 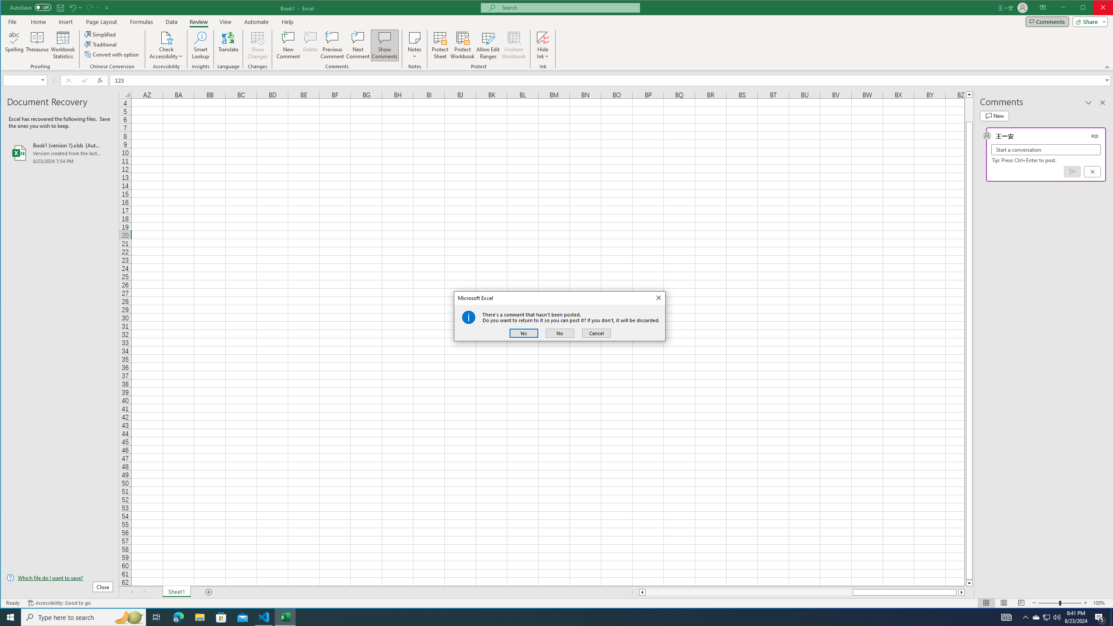 What do you see at coordinates (1100, 616) in the screenshot?
I see `'Action Center, 5 new notifications'` at bounding box center [1100, 616].